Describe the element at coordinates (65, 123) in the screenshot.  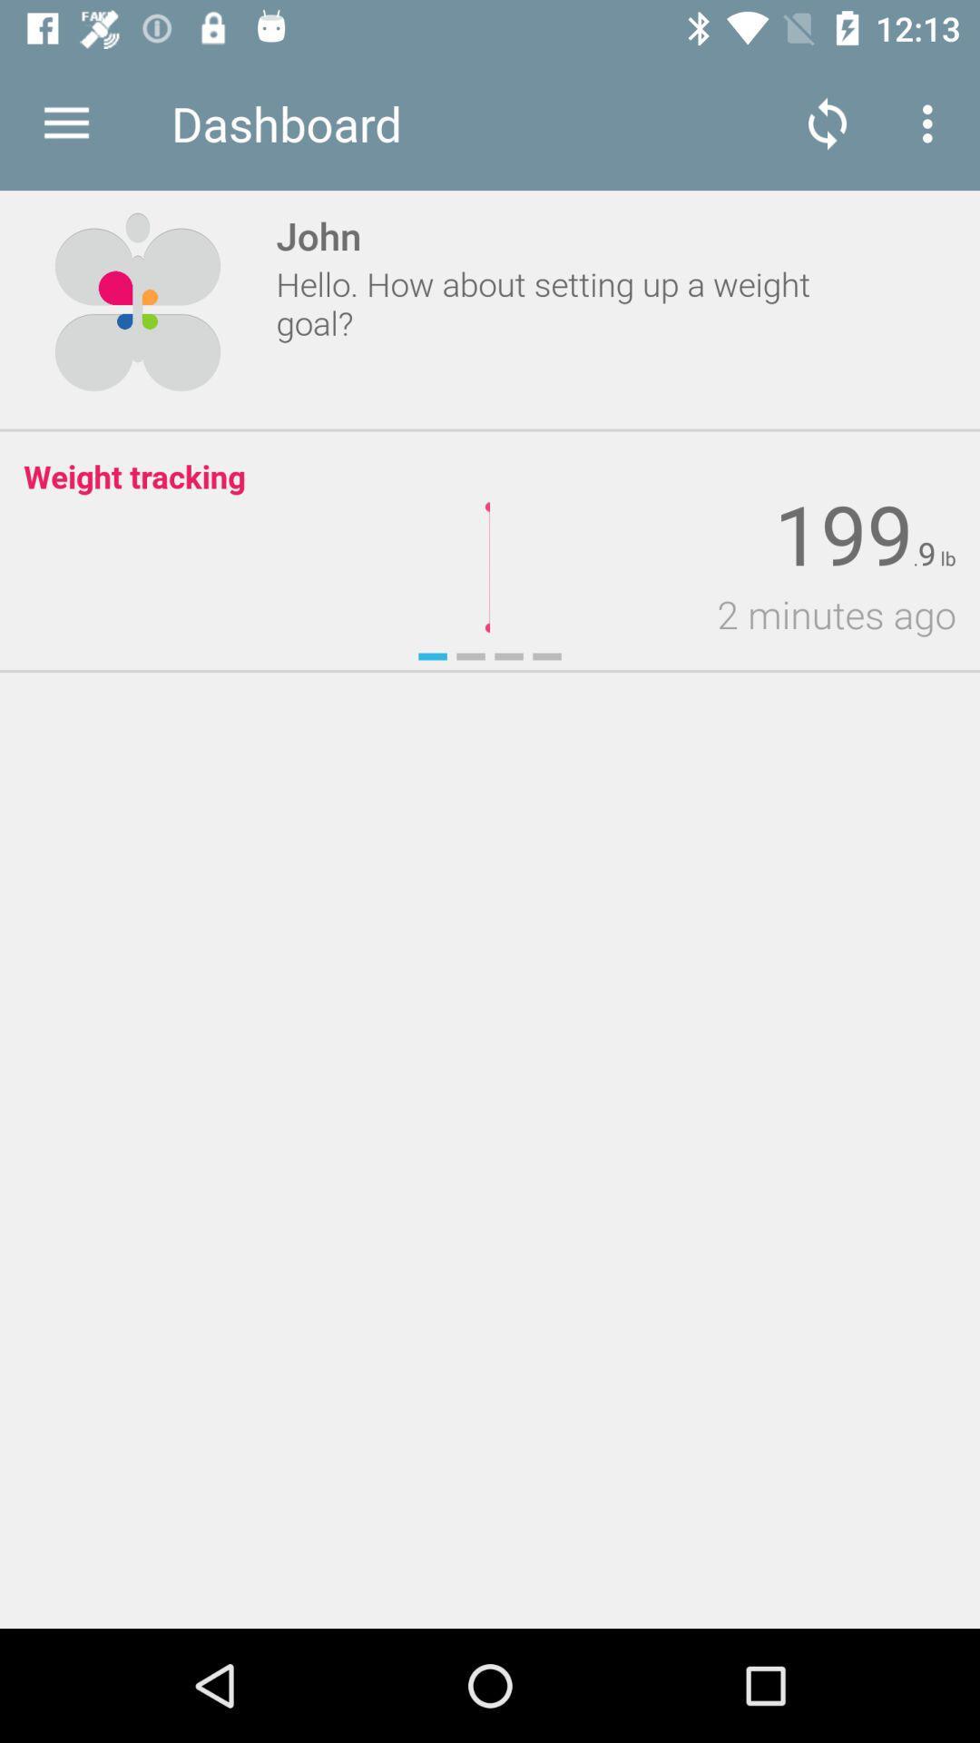
I see `item to the left of the dashboard item` at that location.